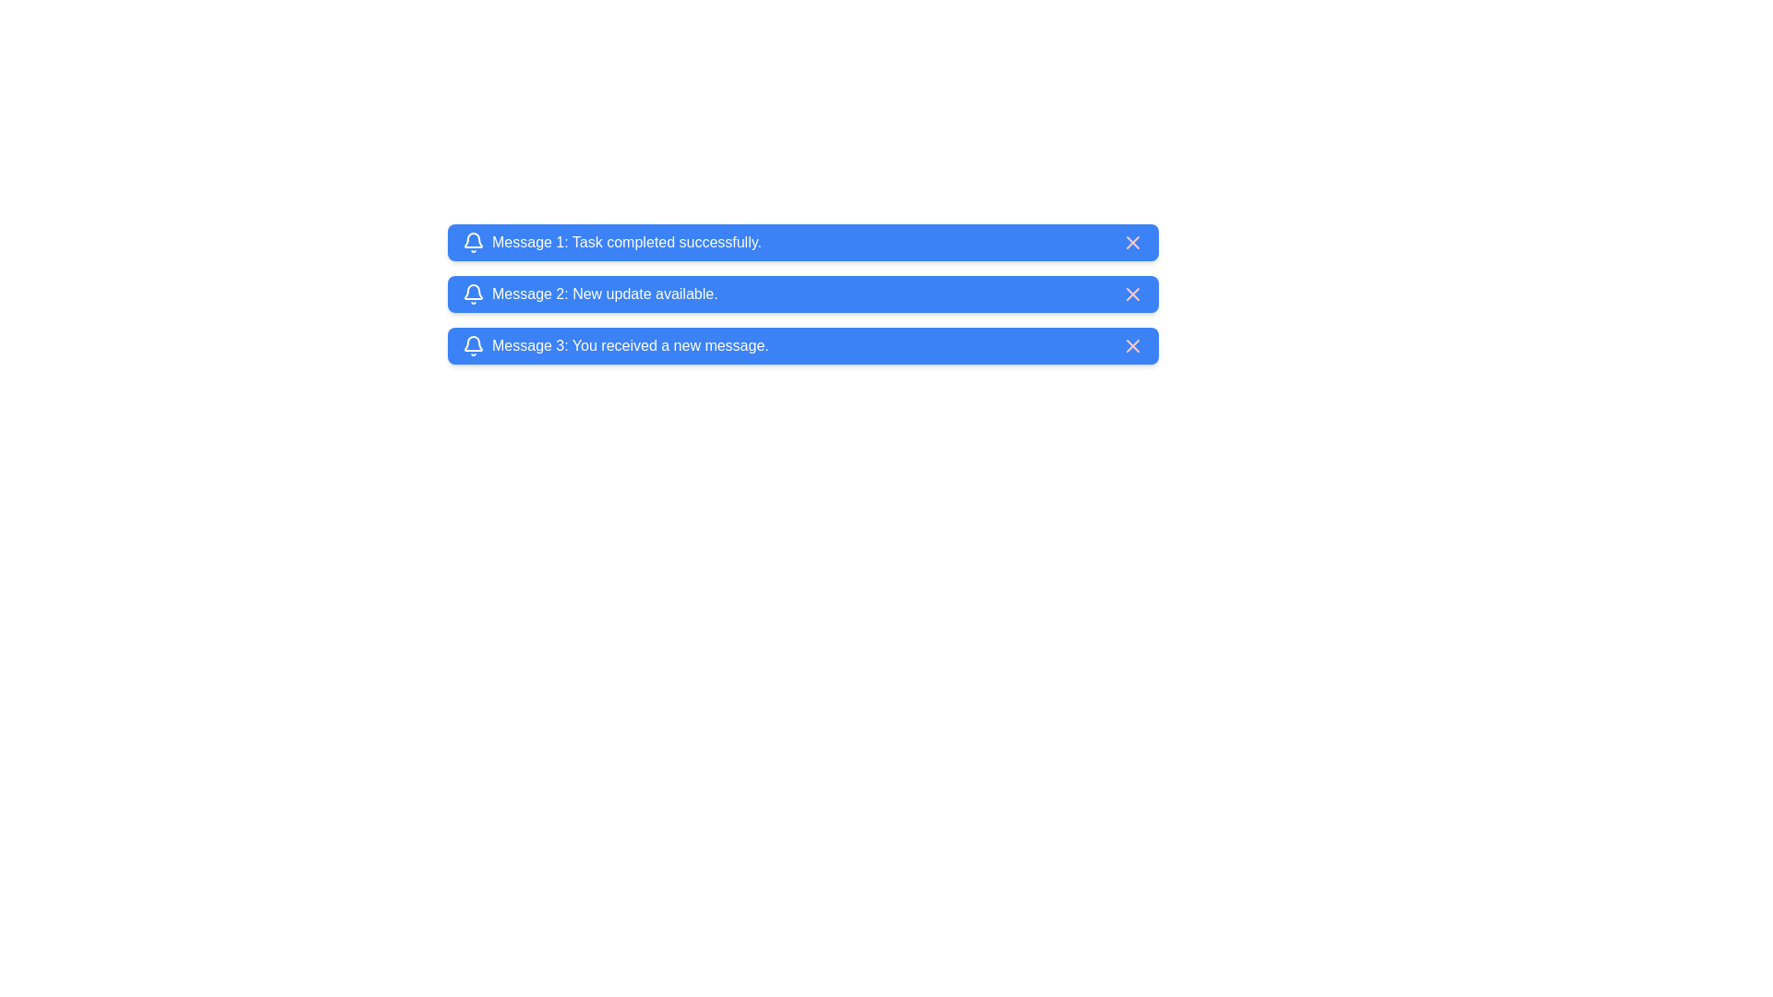 The width and height of the screenshot is (1773, 997). I want to click on the red 'X' close icon located on the far right side of the second blue notification bar containing the message 'Message 2: New update available.', so click(1132, 294).